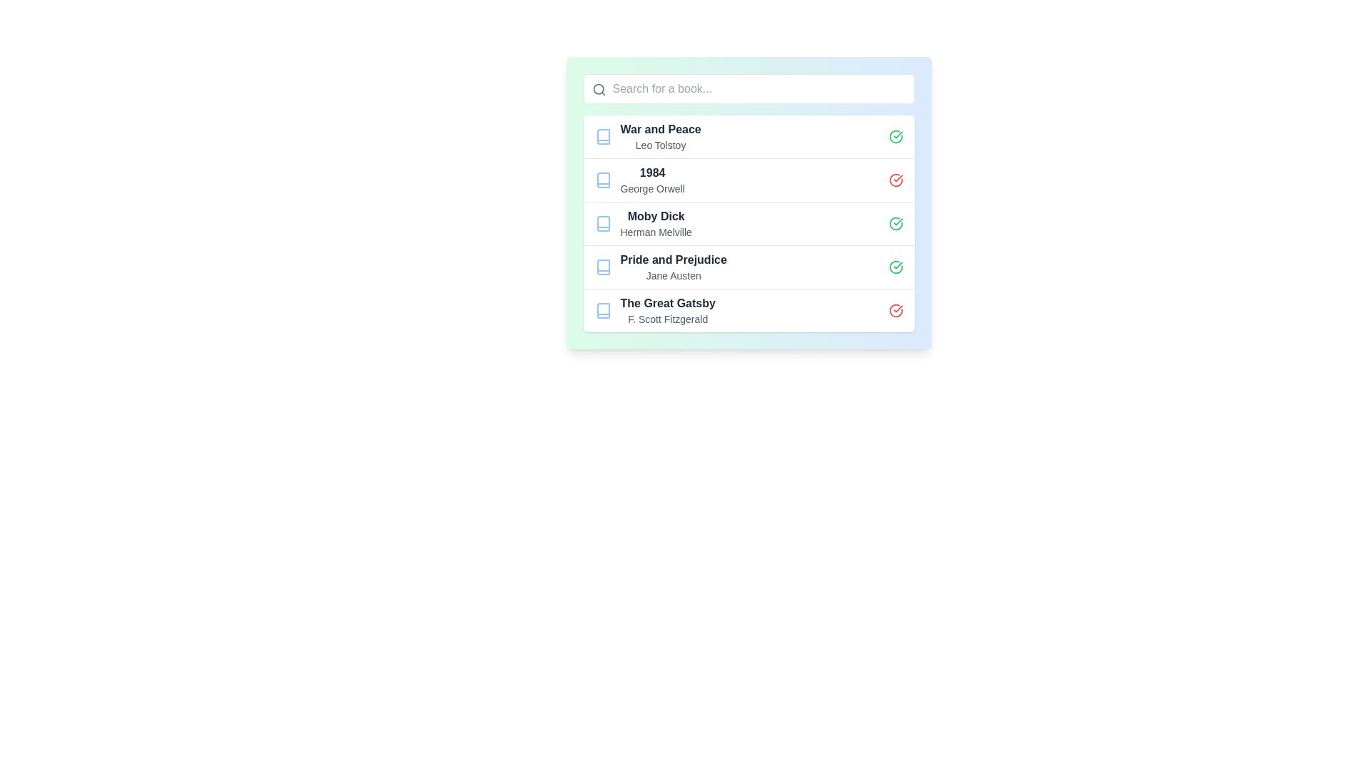 This screenshot has width=1370, height=770. Describe the element at coordinates (660, 137) in the screenshot. I see `the list item displaying 'War and Peace' by Leo Tolstoy` at that location.